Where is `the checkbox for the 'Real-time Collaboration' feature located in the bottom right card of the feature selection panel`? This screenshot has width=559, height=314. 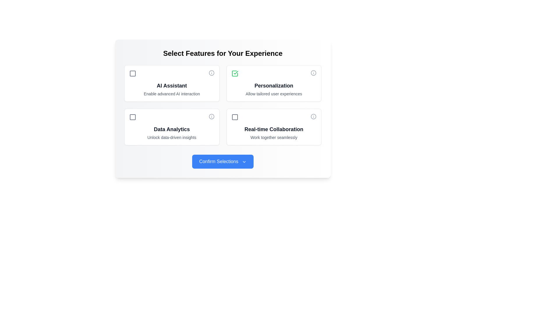
the checkbox for the 'Real-time Collaboration' feature located in the bottom right card of the feature selection panel is located at coordinates (235, 117).